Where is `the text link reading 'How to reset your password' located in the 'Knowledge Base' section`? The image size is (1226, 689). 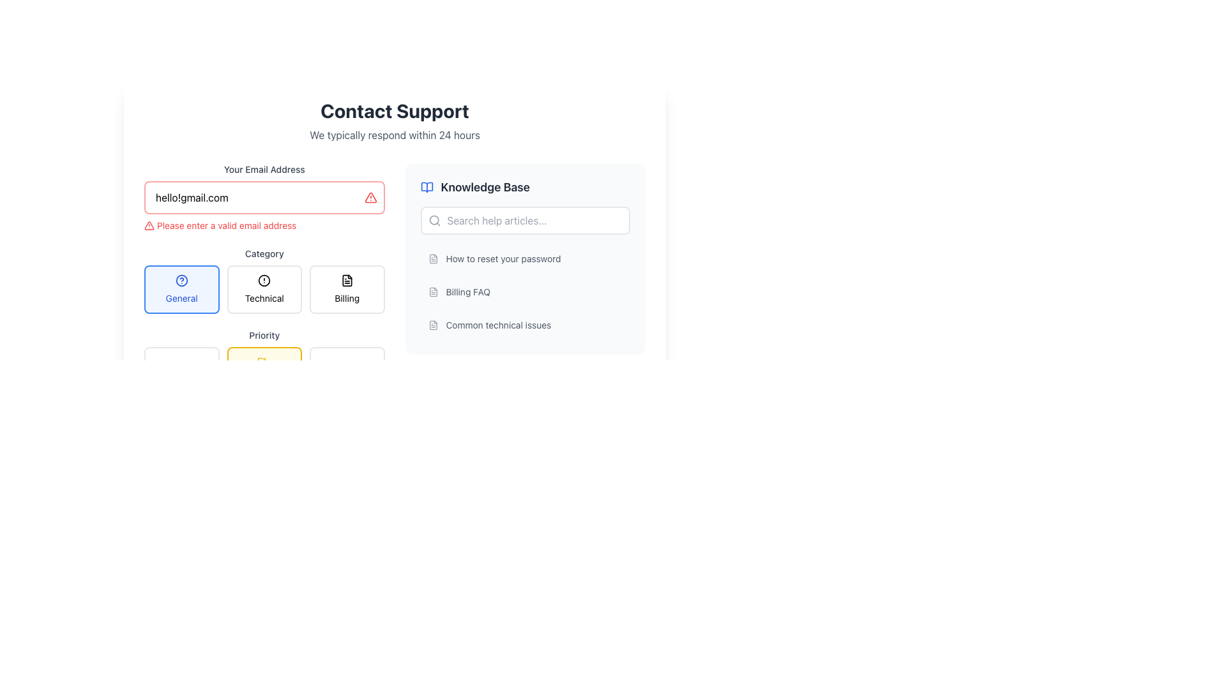 the text link reading 'How to reset your password' located in the 'Knowledge Base' section is located at coordinates (503, 258).